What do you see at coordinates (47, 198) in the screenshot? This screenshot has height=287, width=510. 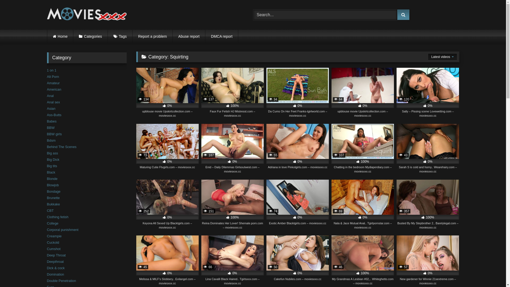 I see `'Brunette'` at bounding box center [47, 198].